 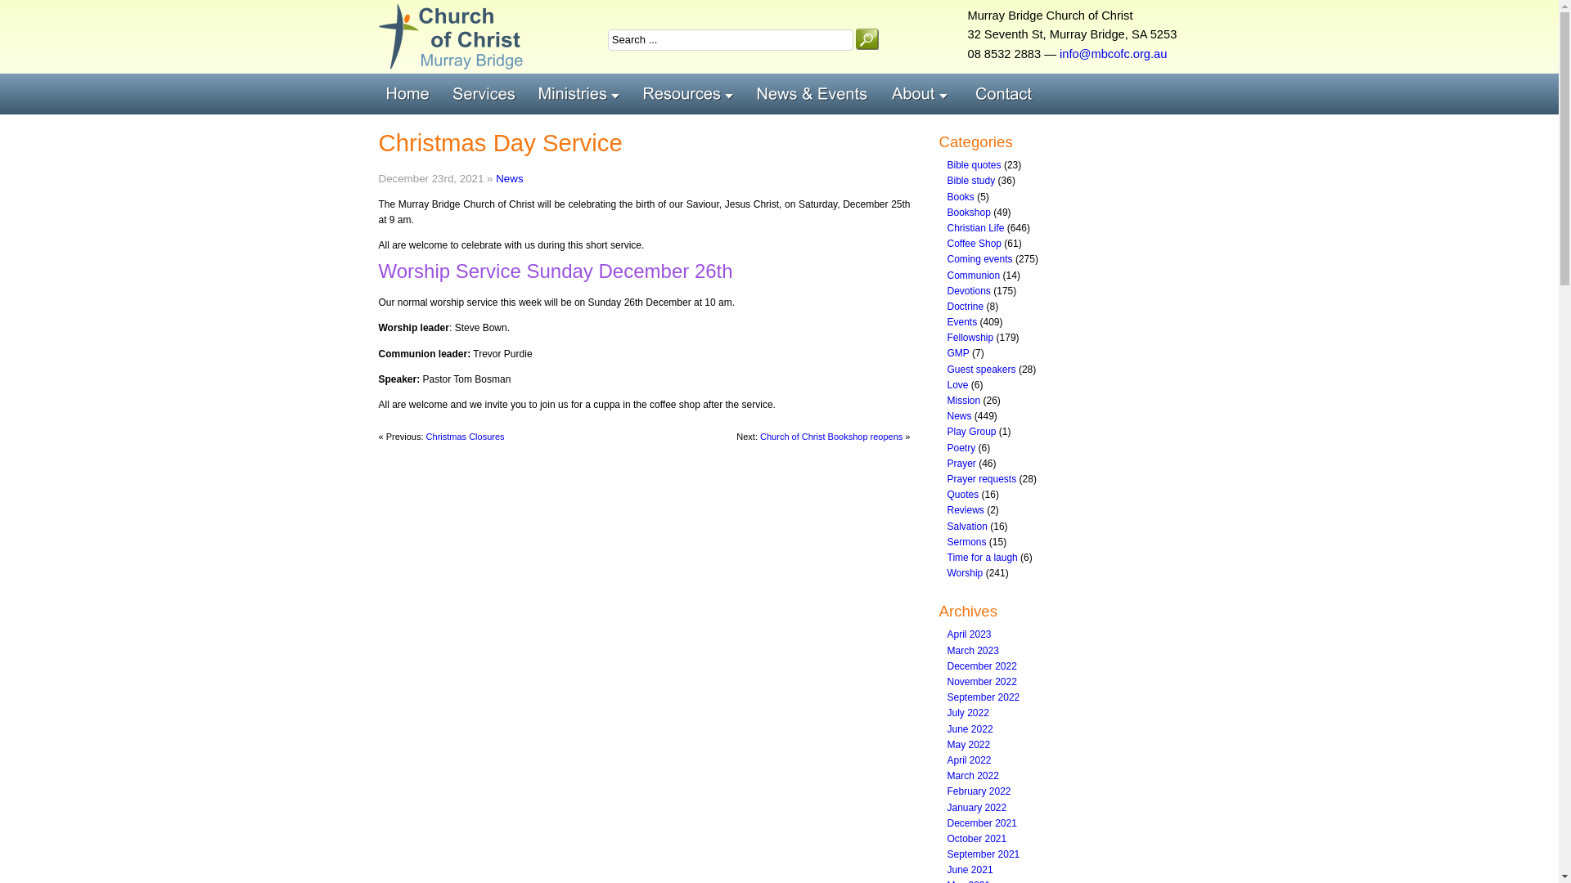 What do you see at coordinates (974, 274) in the screenshot?
I see `'Communion'` at bounding box center [974, 274].